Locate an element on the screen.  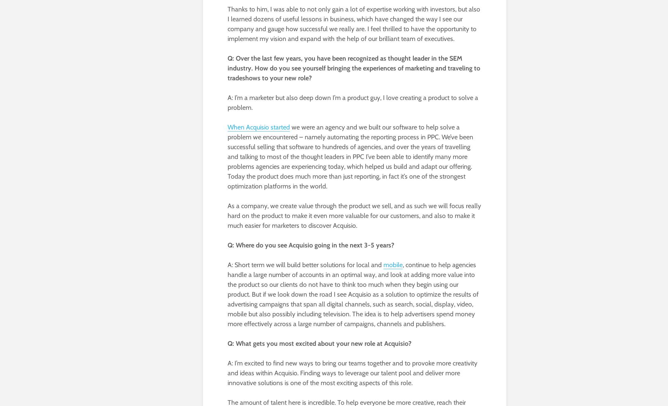
'Q: What gets you most excited about your new role at Acquisio?' is located at coordinates (319, 343).